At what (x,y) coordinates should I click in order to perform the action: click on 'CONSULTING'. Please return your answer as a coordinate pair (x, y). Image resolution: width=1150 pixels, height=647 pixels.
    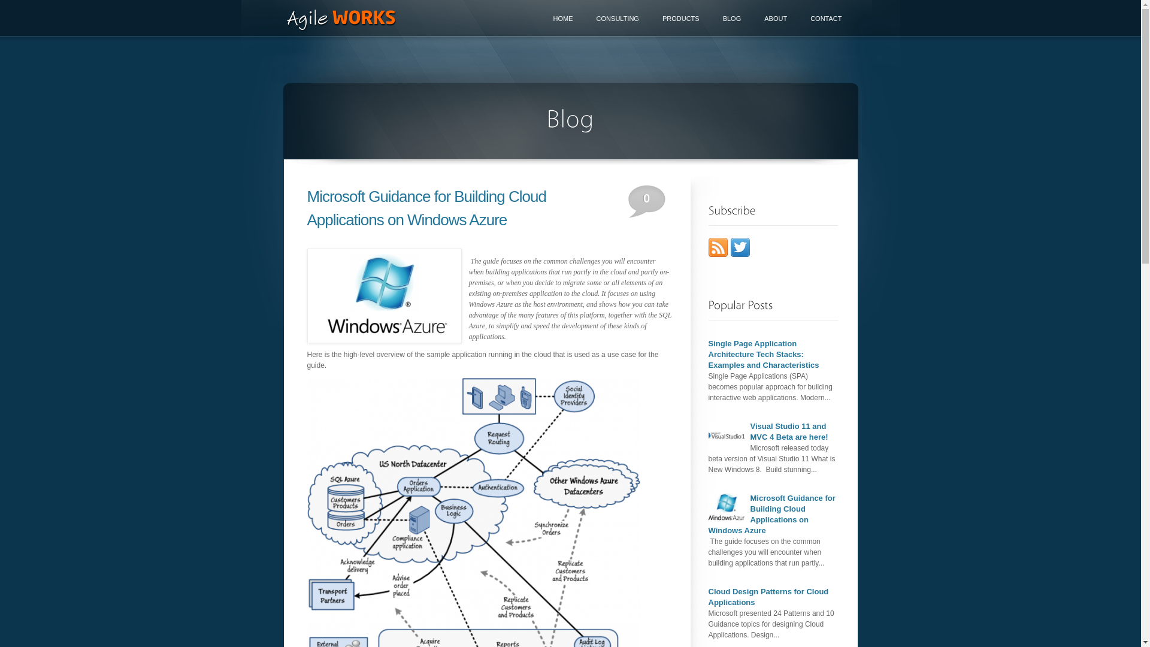
    Looking at the image, I should click on (618, 19).